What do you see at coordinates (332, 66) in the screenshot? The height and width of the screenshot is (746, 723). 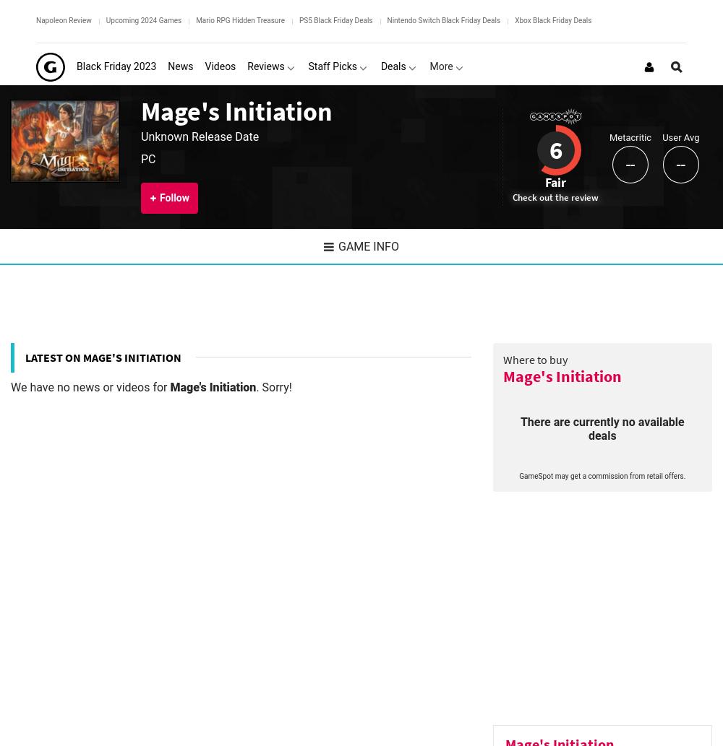 I see `'Staff Picks'` at bounding box center [332, 66].